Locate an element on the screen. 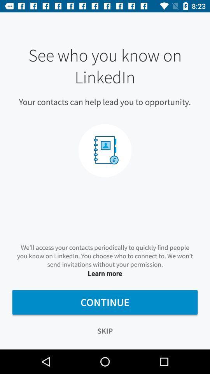 The height and width of the screenshot is (374, 210). icon above the skip icon is located at coordinates (105, 302).